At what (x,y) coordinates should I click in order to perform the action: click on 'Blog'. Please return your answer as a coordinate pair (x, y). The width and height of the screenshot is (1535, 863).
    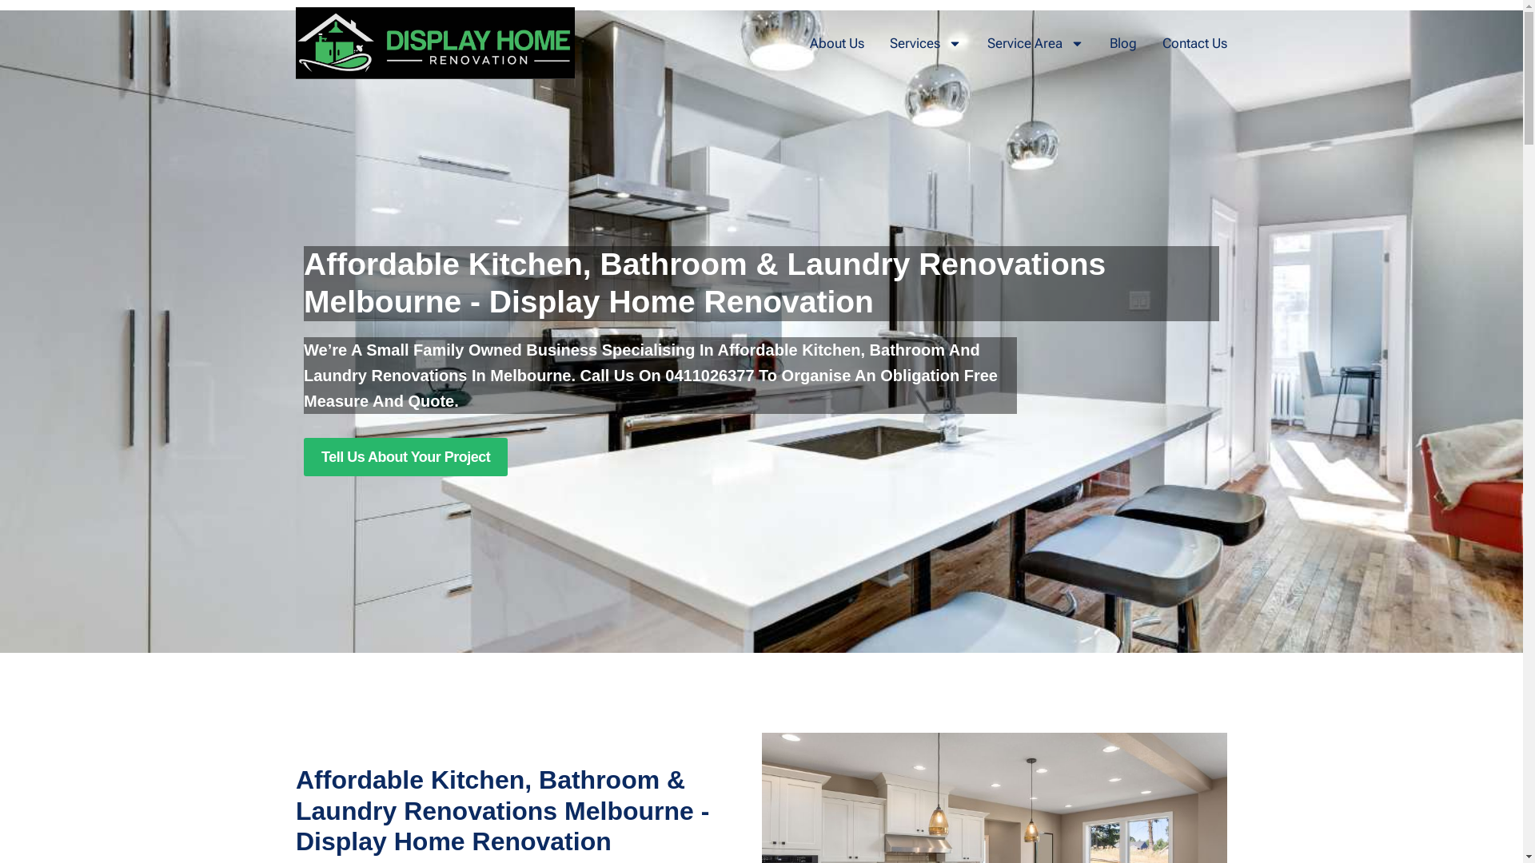
    Looking at the image, I should click on (1122, 42).